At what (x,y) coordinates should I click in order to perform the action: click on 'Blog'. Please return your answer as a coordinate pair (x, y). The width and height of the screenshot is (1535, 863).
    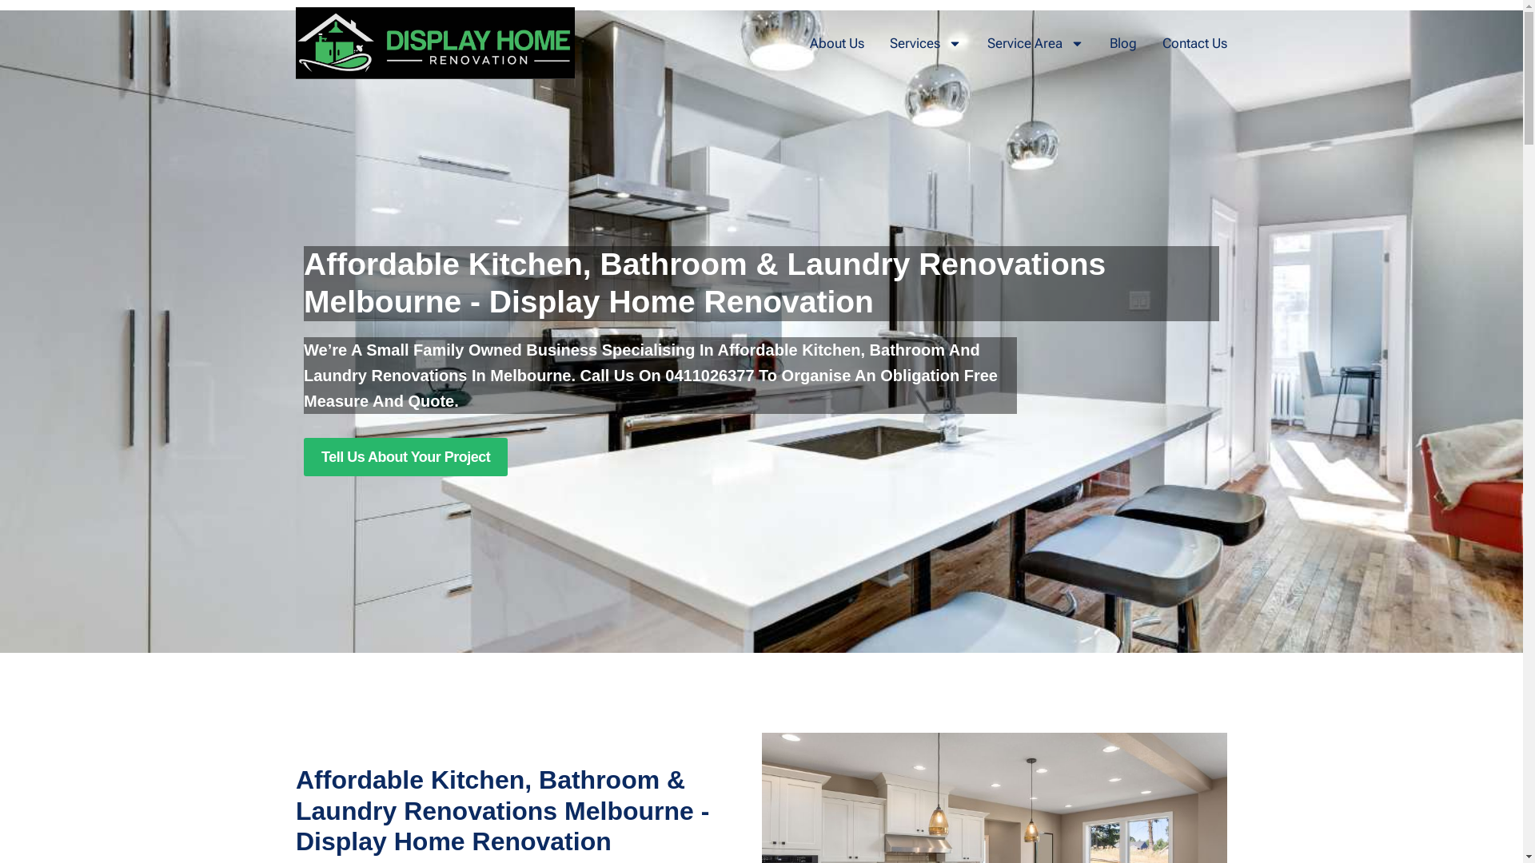
    Looking at the image, I should click on (1122, 42).